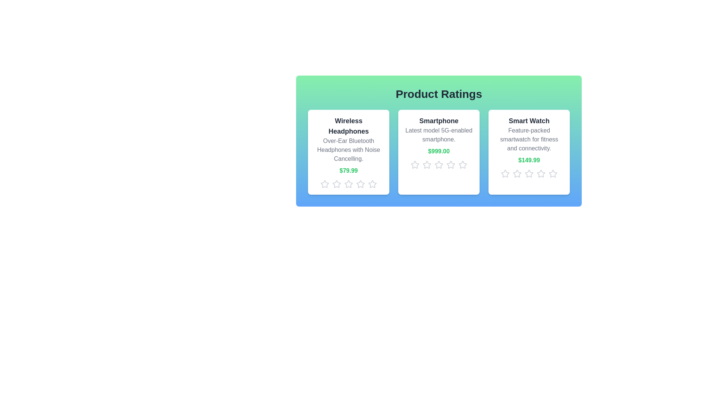 This screenshot has height=402, width=716. I want to click on the star icon corresponding to 4 stars for the product Wireless Headphones, so click(360, 184).